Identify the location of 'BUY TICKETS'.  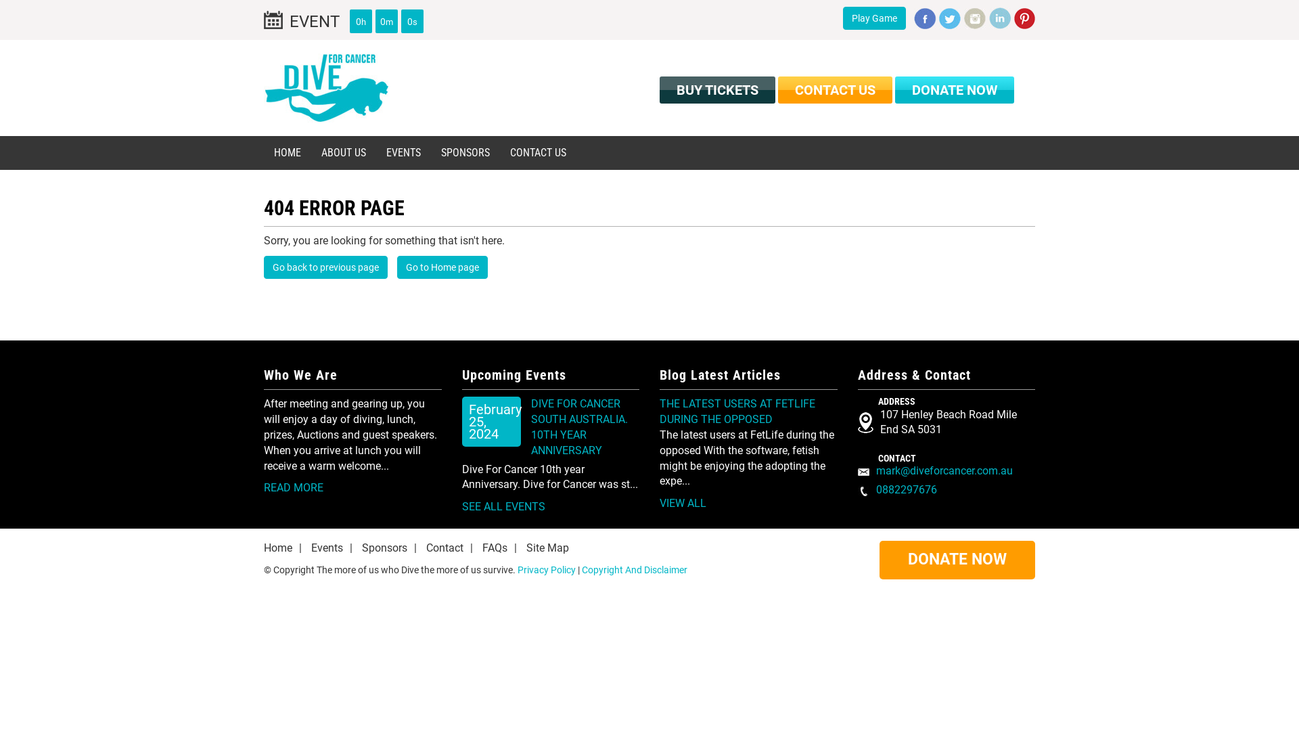
(659, 89).